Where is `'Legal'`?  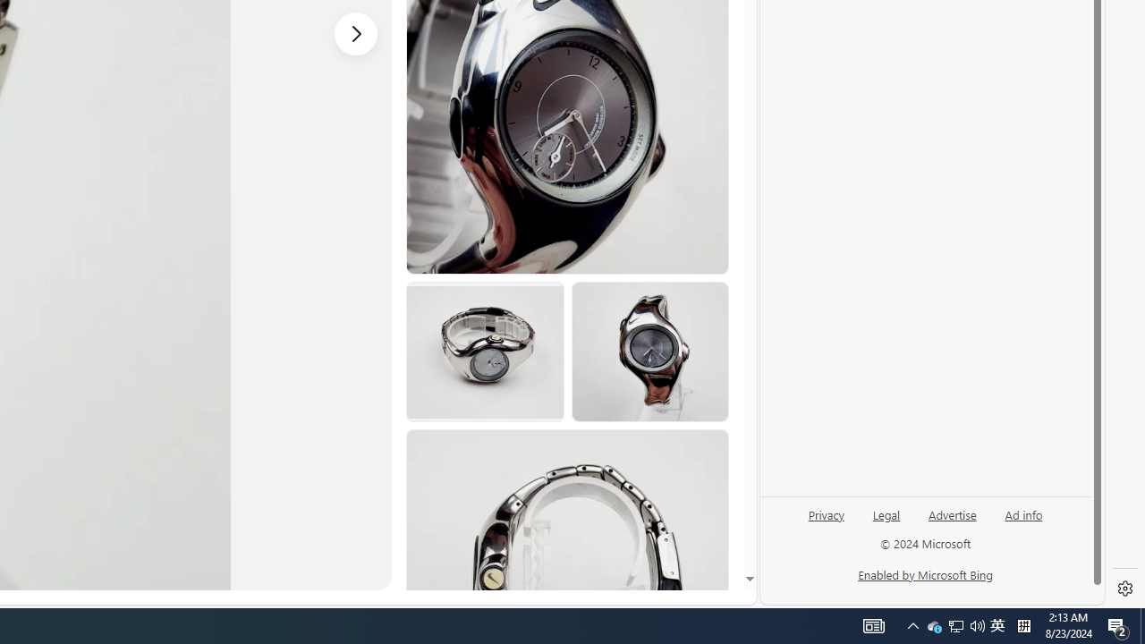 'Legal' is located at coordinates (886, 521).